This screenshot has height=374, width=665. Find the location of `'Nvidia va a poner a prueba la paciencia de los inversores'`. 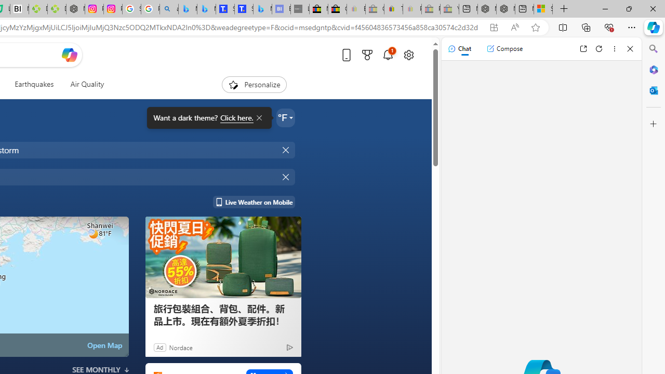

'Nvidia va a poner a prueba la paciencia de los inversores' is located at coordinates (19, 9).